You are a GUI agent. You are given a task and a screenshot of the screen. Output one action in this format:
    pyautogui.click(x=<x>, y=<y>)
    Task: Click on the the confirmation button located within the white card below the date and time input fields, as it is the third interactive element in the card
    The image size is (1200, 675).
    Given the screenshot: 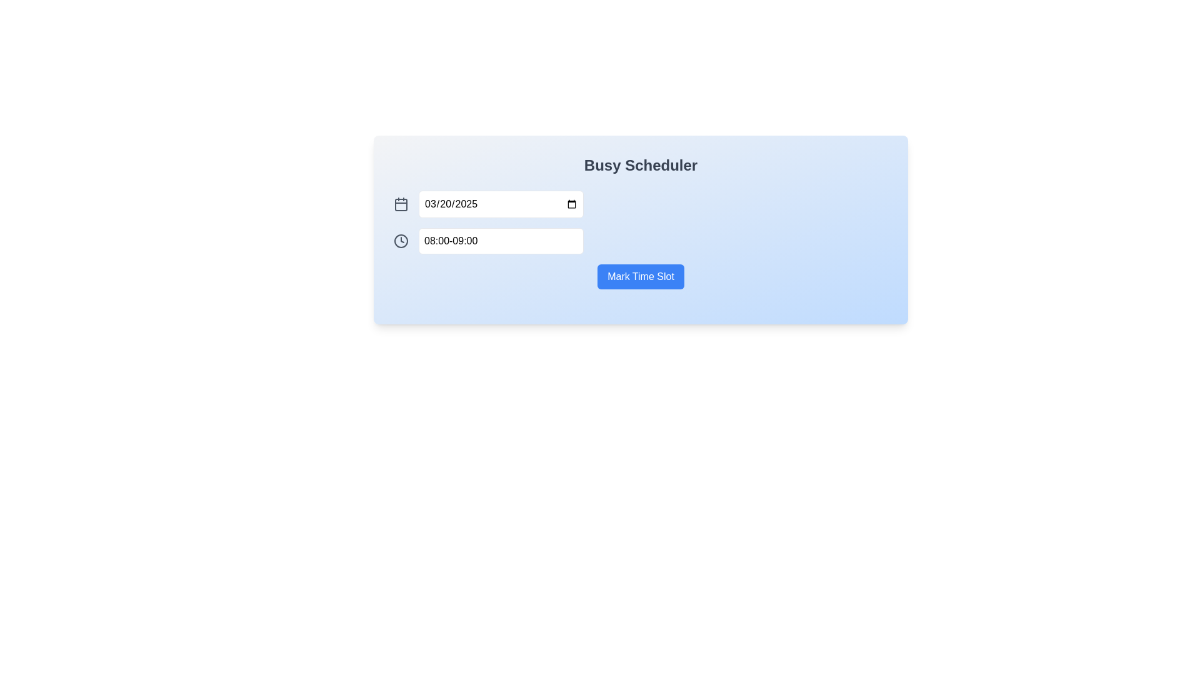 What is the action you would take?
    pyautogui.click(x=641, y=276)
    